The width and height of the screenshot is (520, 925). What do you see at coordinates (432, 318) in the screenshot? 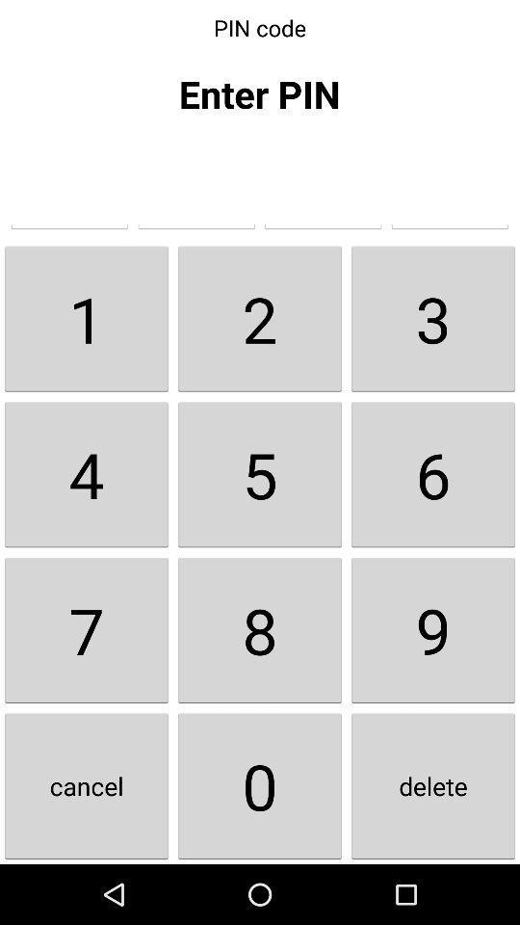
I see `the item to the right of the 2` at bounding box center [432, 318].